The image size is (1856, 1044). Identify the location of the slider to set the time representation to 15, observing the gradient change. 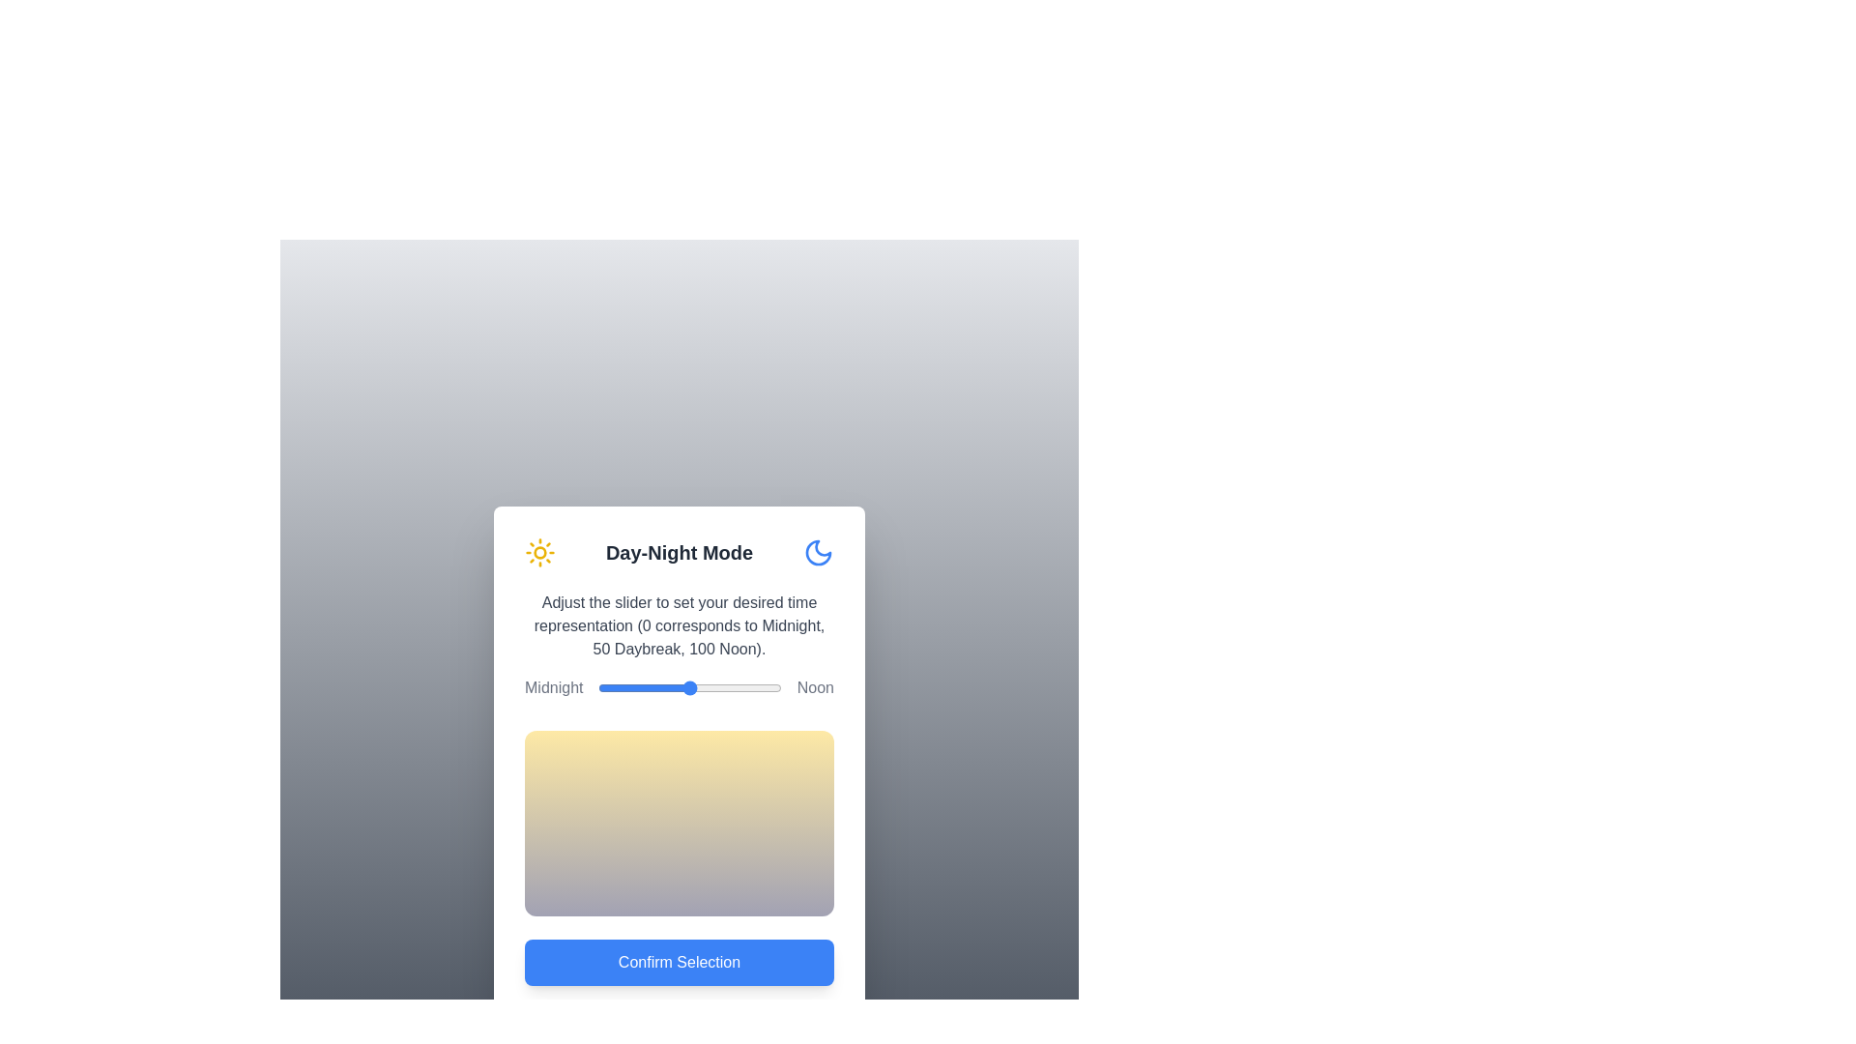
(625, 687).